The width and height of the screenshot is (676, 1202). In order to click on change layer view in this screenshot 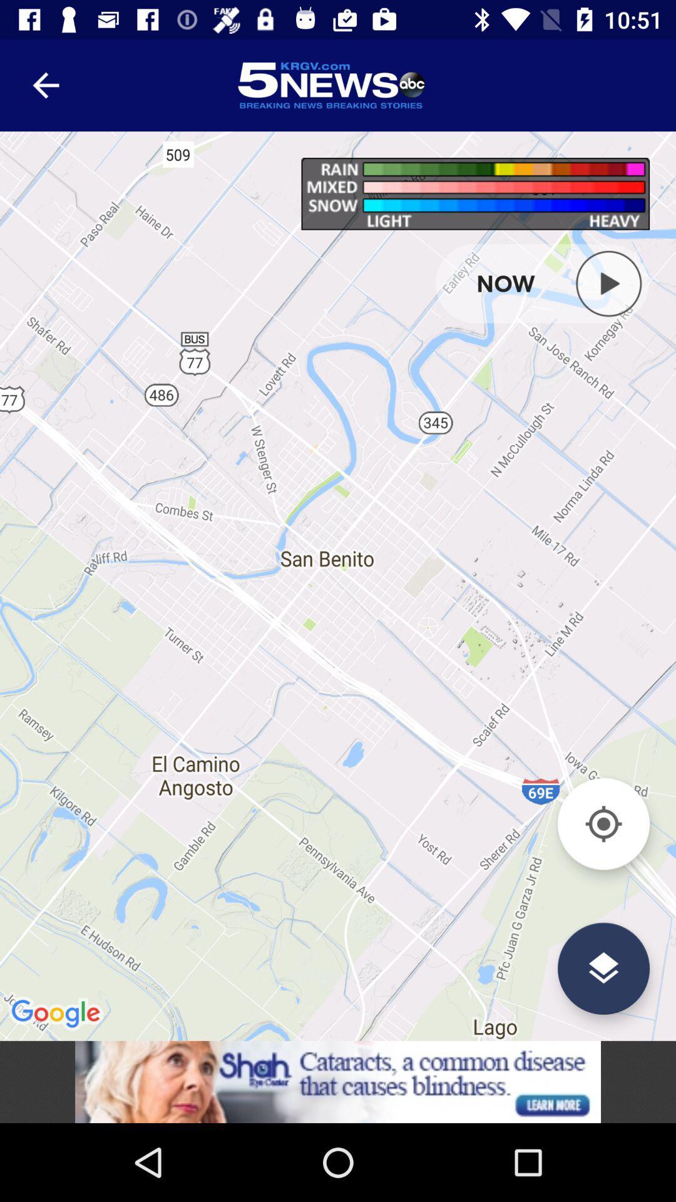, I will do `click(603, 968)`.